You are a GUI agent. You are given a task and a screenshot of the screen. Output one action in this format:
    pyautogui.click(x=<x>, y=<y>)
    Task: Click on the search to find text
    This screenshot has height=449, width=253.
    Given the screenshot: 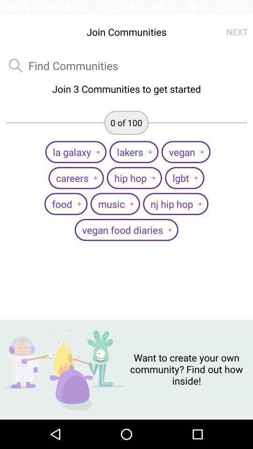 What is the action you would take?
    pyautogui.click(x=15, y=65)
    